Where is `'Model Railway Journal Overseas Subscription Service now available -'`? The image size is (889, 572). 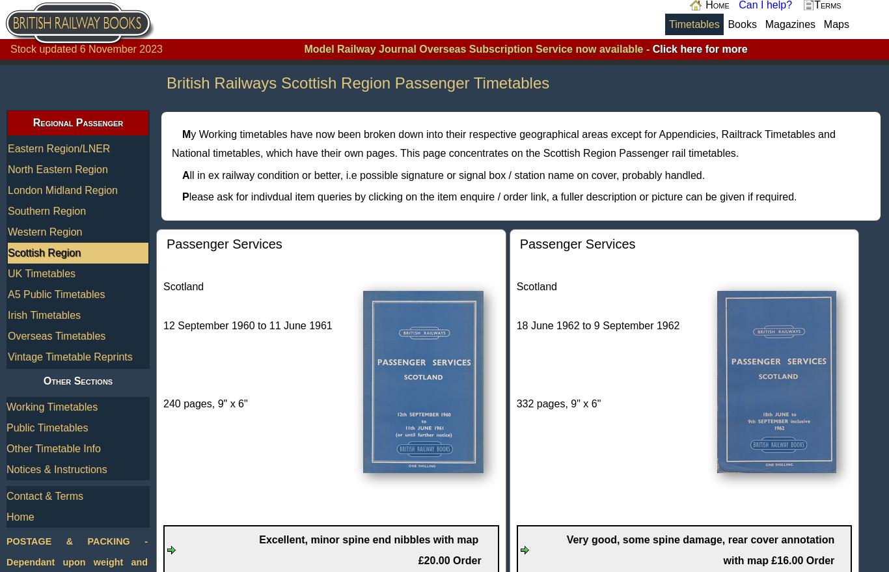 'Model Railway Journal Overseas Subscription Service now available -' is located at coordinates (478, 49).